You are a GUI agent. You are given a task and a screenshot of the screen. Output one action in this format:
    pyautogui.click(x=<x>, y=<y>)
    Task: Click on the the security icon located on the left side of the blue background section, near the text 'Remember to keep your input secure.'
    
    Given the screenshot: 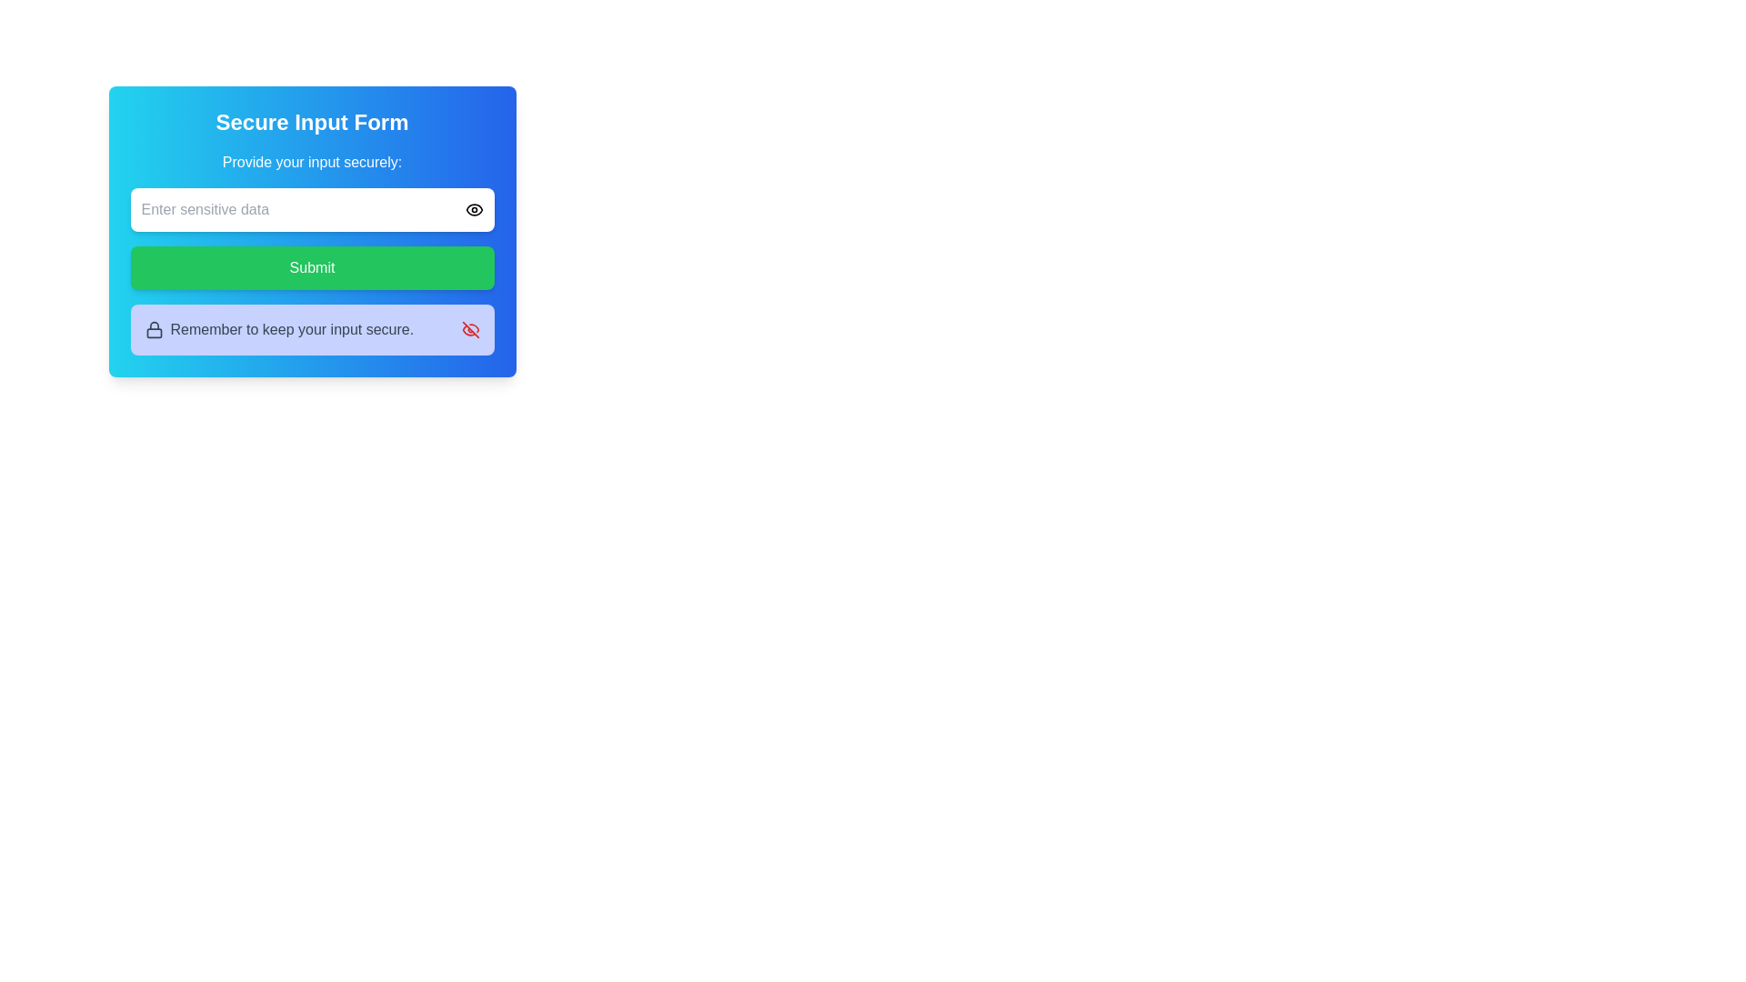 What is the action you would take?
    pyautogui.click(x=154, y=329)
    